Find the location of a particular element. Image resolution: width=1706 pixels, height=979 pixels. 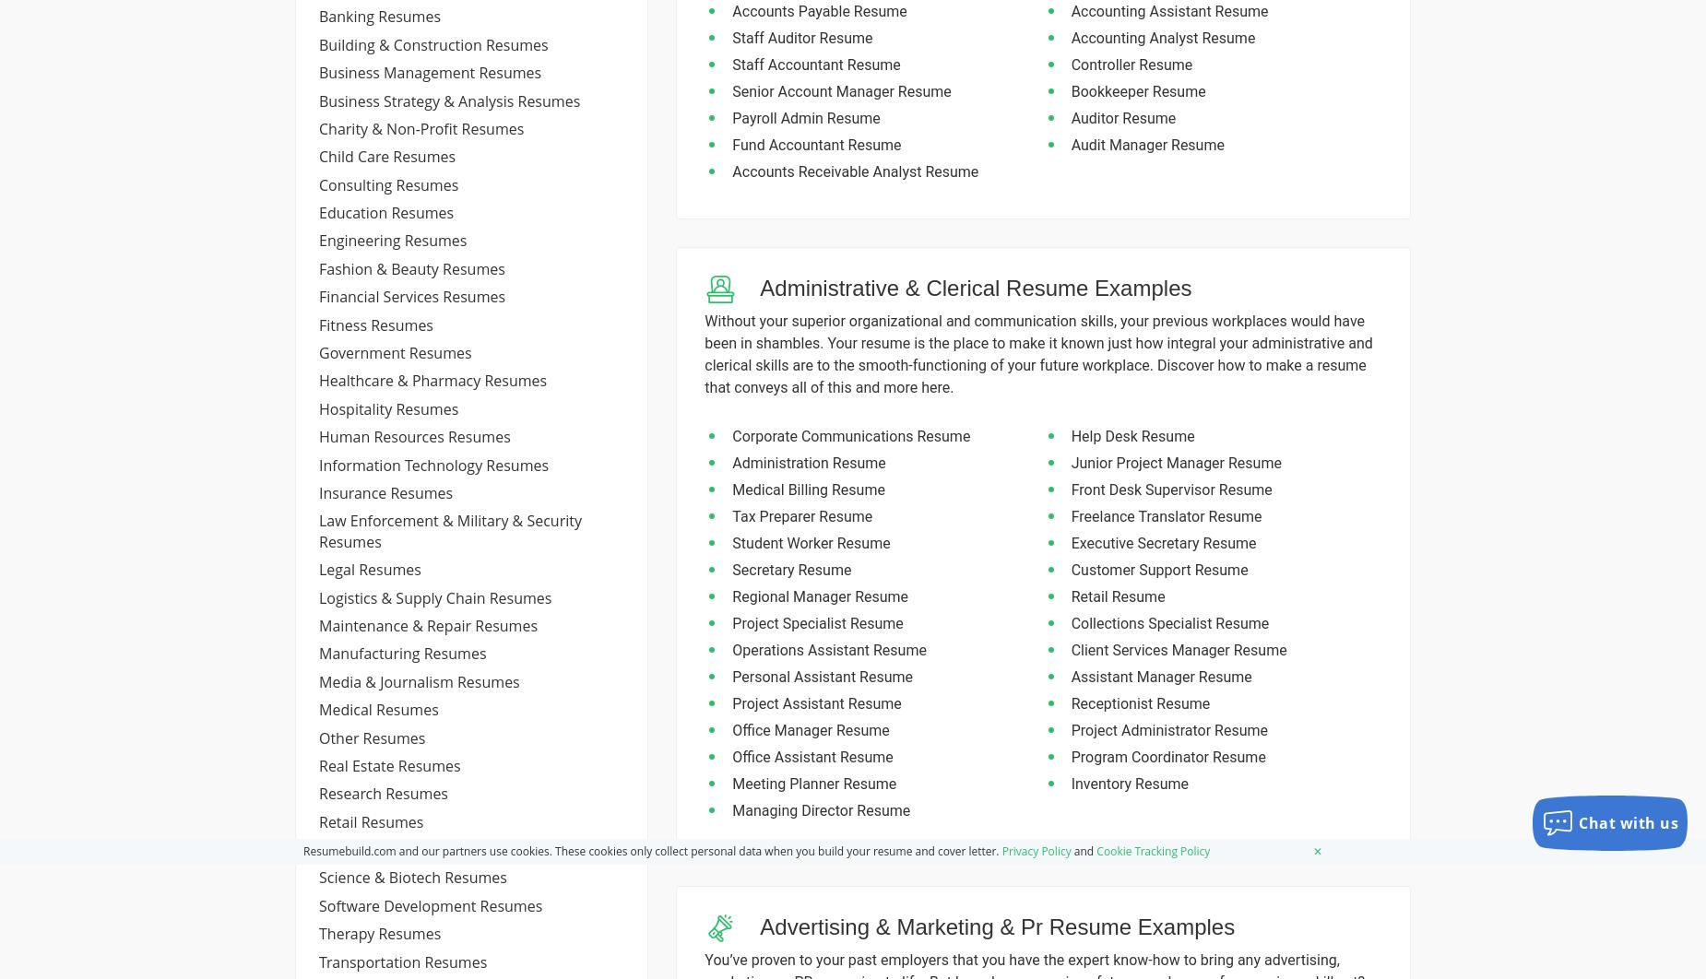

'transportation resumes' is located at coordinates (401, 960).